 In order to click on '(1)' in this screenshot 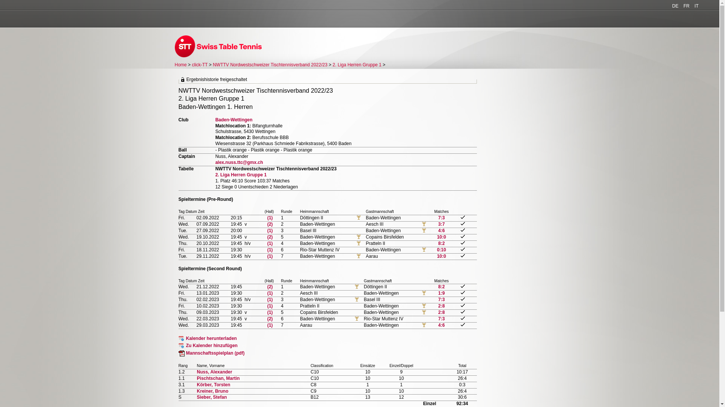, I will do `click(270, 230)`.